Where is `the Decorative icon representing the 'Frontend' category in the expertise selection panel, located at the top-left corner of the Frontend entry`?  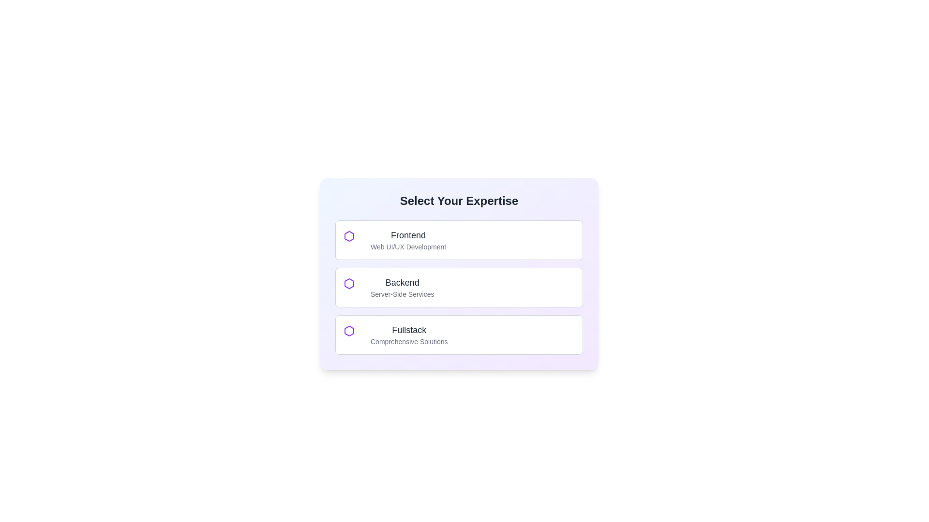
the Decorative icon representing the 'Frontend' category in the expertise selection panel, located at the top-left corner of the Frontend entry is located at coordinates (352, 240).